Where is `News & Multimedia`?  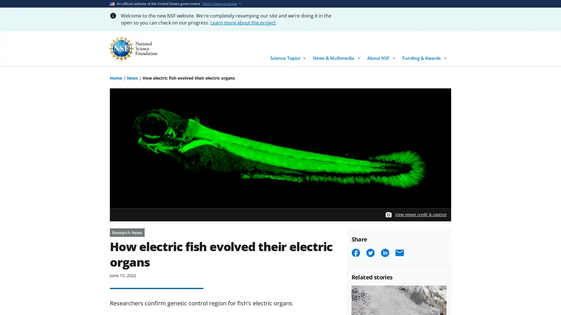
News & Multimedia is located at coordinates (338, 56).